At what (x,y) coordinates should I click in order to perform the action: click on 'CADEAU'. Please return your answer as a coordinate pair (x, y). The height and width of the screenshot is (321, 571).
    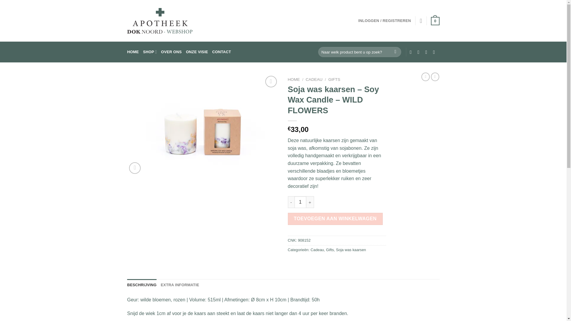
    Looking at the image, I should click on (314, 79).